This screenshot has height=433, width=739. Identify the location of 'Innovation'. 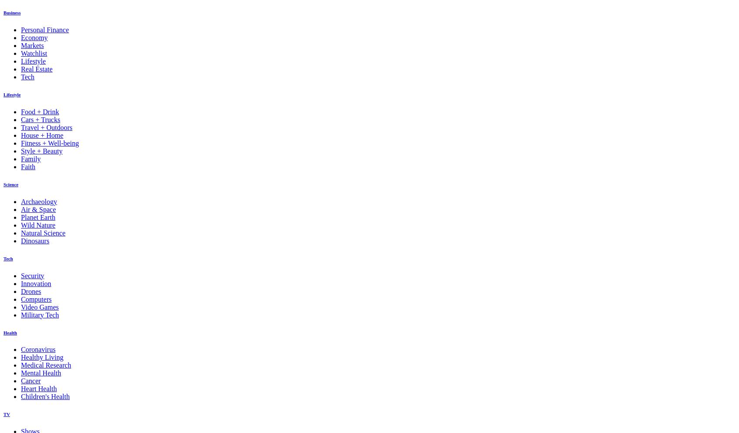
(21, 283).